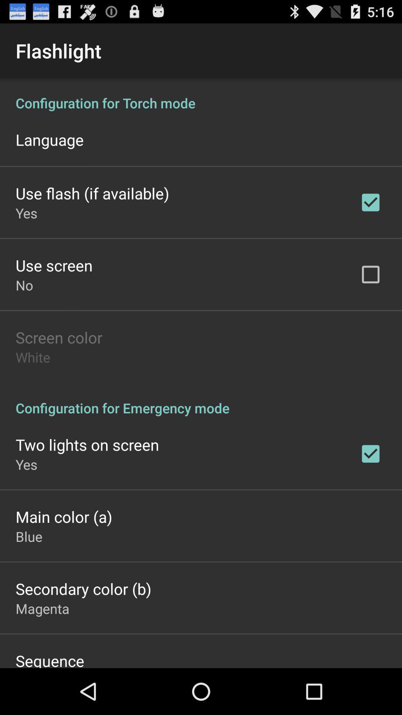  I want to click on blue app, so click(28, 536).